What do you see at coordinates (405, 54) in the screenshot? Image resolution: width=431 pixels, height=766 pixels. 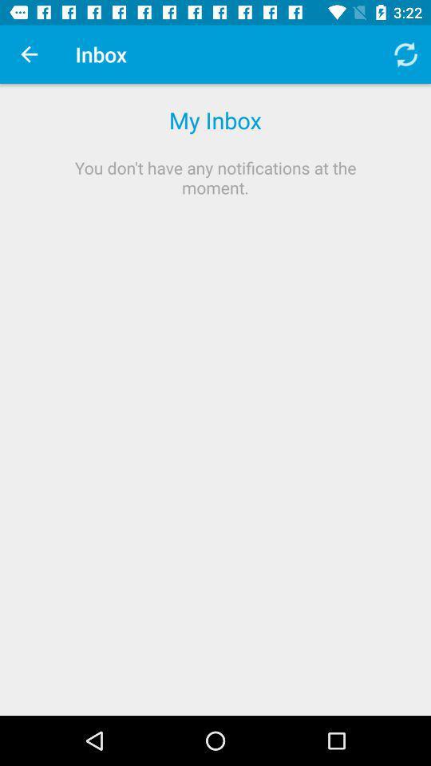 I see `item to the right of inbox item` at bounding box center [405, 54].